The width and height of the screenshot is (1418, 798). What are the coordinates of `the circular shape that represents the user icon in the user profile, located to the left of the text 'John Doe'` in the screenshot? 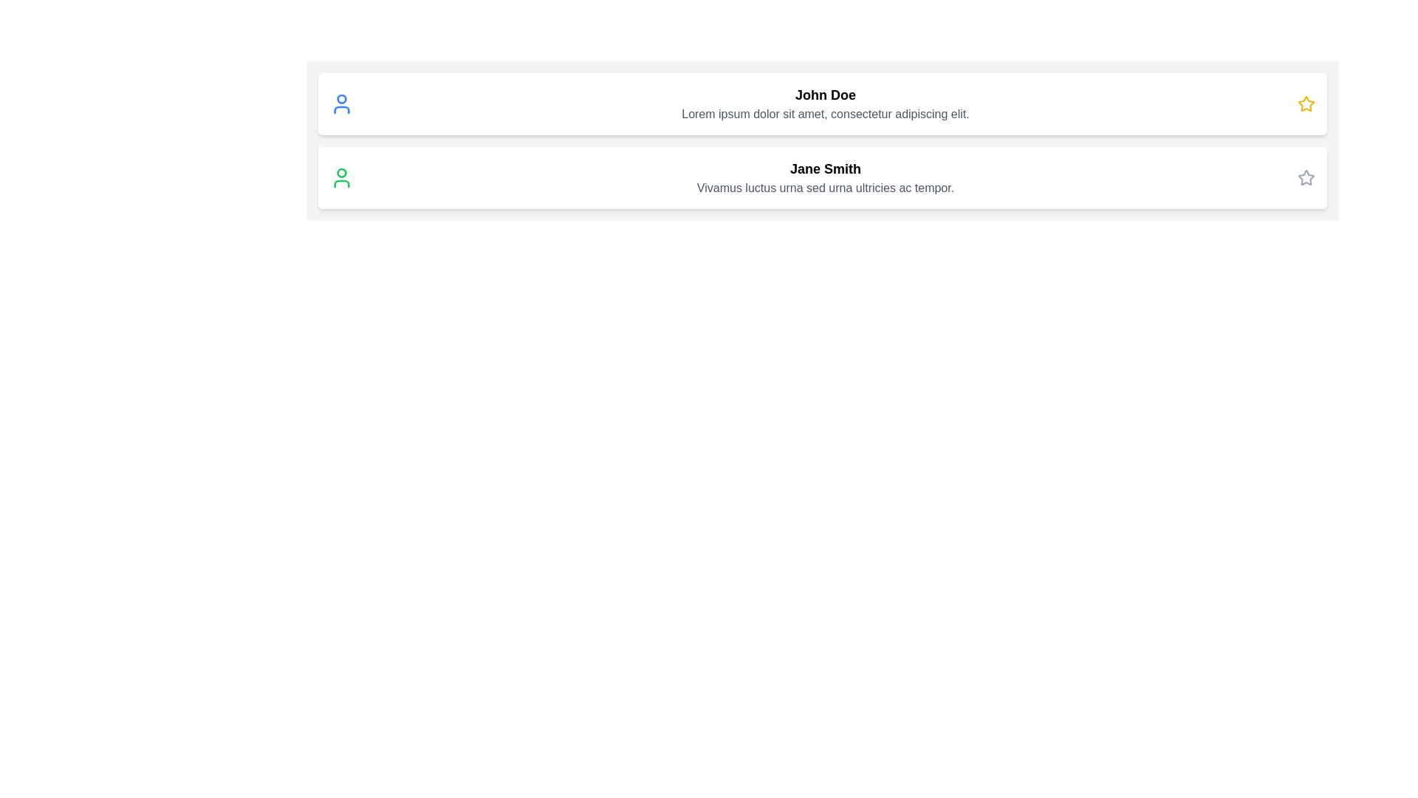 It's located at (340, 99).